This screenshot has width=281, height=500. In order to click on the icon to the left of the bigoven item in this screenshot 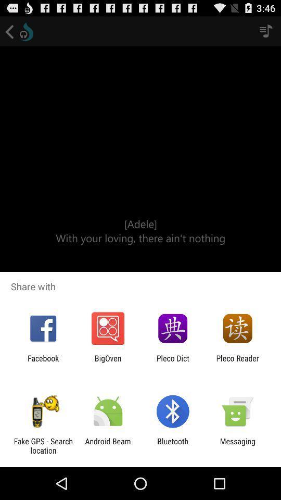, I will do `click(43, 362)`.